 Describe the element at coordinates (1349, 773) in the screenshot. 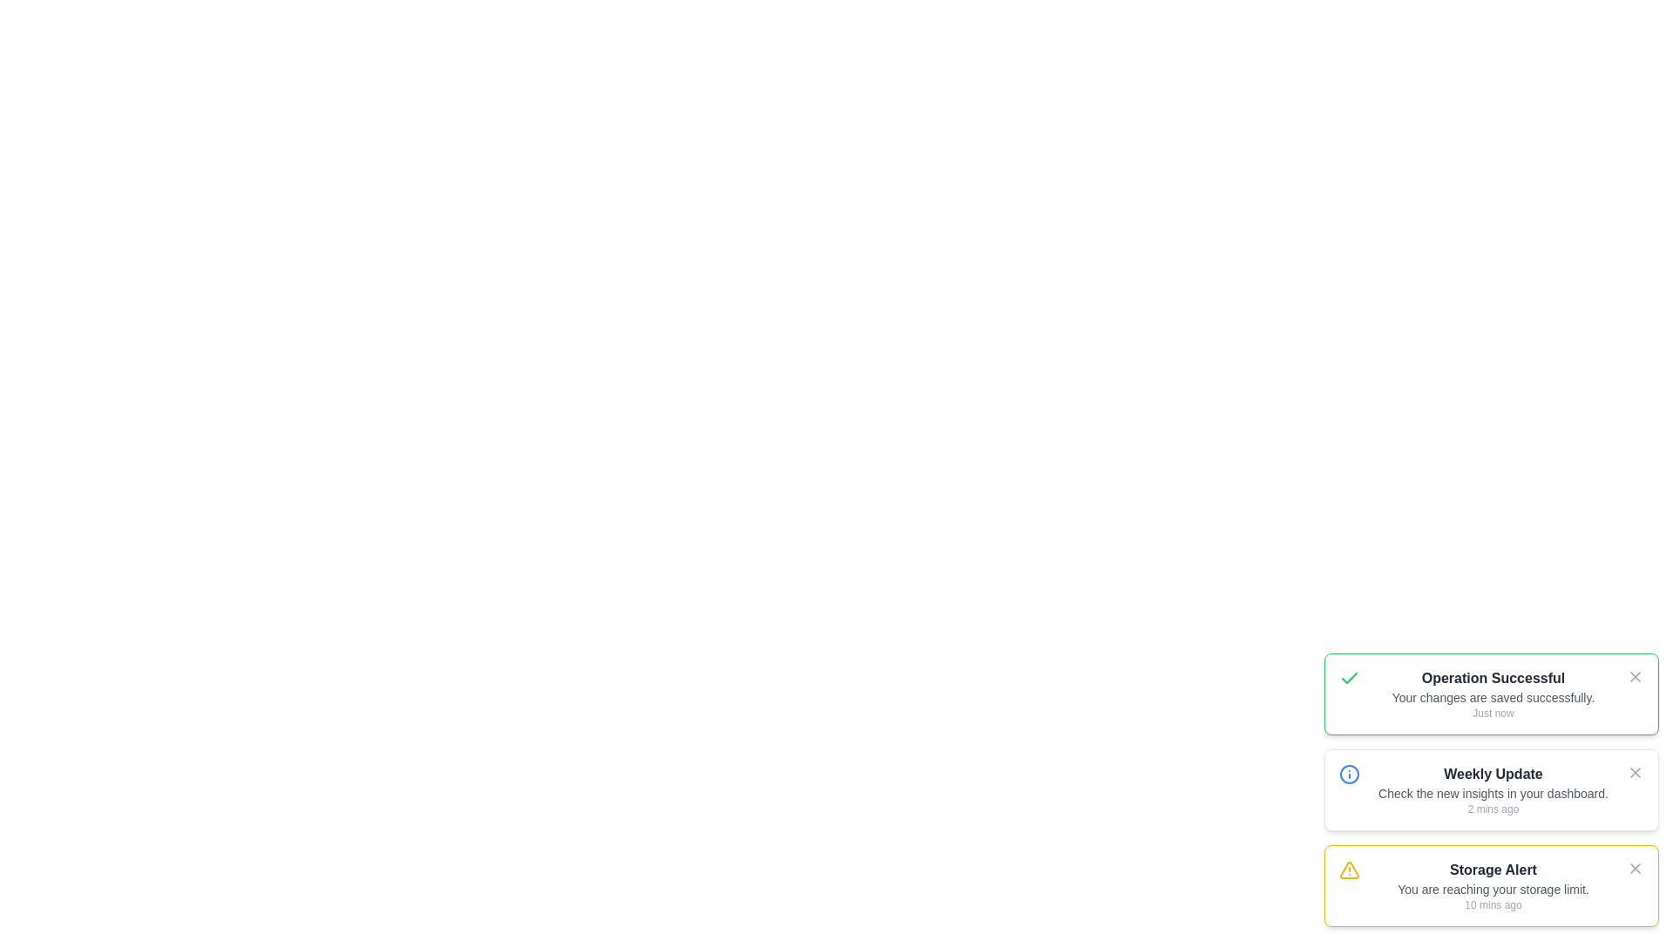

I see `the circular blue icon with an information symbol located in the top-left corner of the 'Weekly Update' notification box` at that location.